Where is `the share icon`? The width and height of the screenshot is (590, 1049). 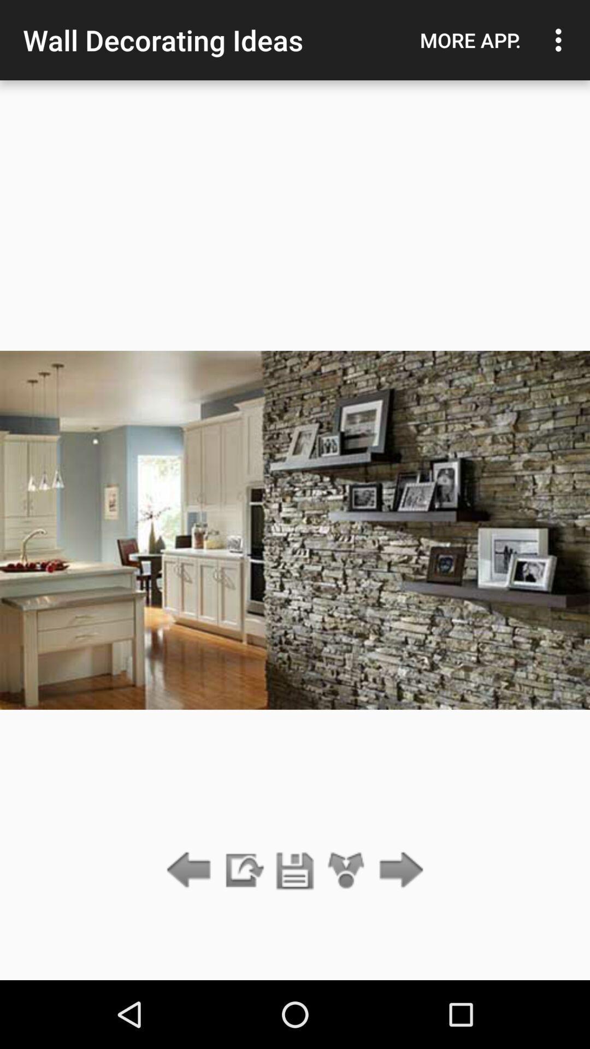
the share icon is located at coordinates (346, 870).